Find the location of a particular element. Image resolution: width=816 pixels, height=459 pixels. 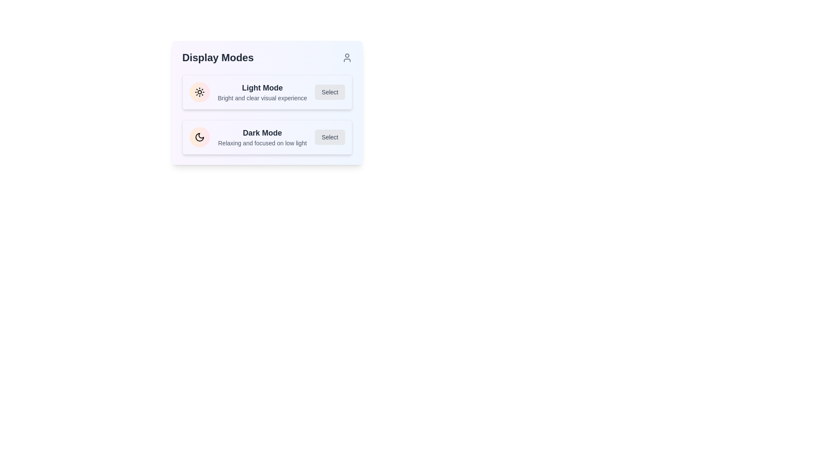

the profile access icon located in the top-right corner of the 'Display Modes' section for user-related actions or navigation is located at coordinates (347, 57).